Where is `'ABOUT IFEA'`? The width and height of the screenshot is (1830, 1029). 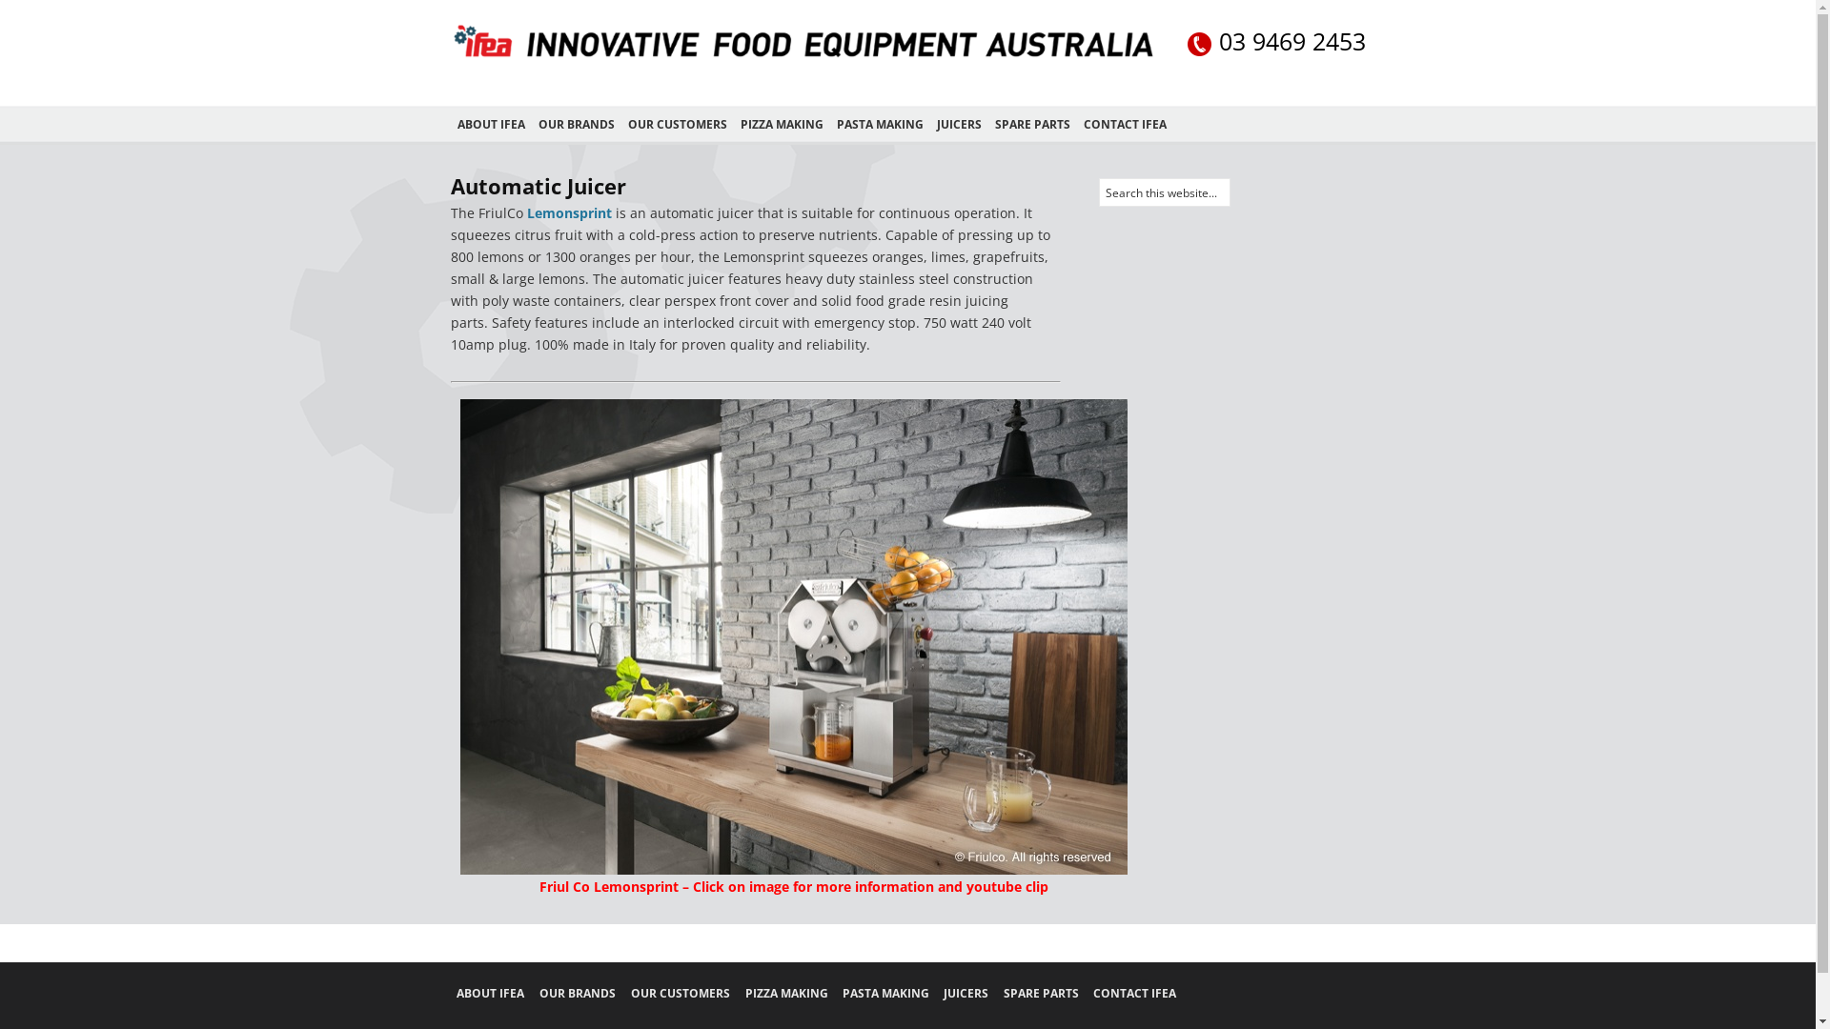
'ABOUT IFEA' is located at coordinates (455, 992).